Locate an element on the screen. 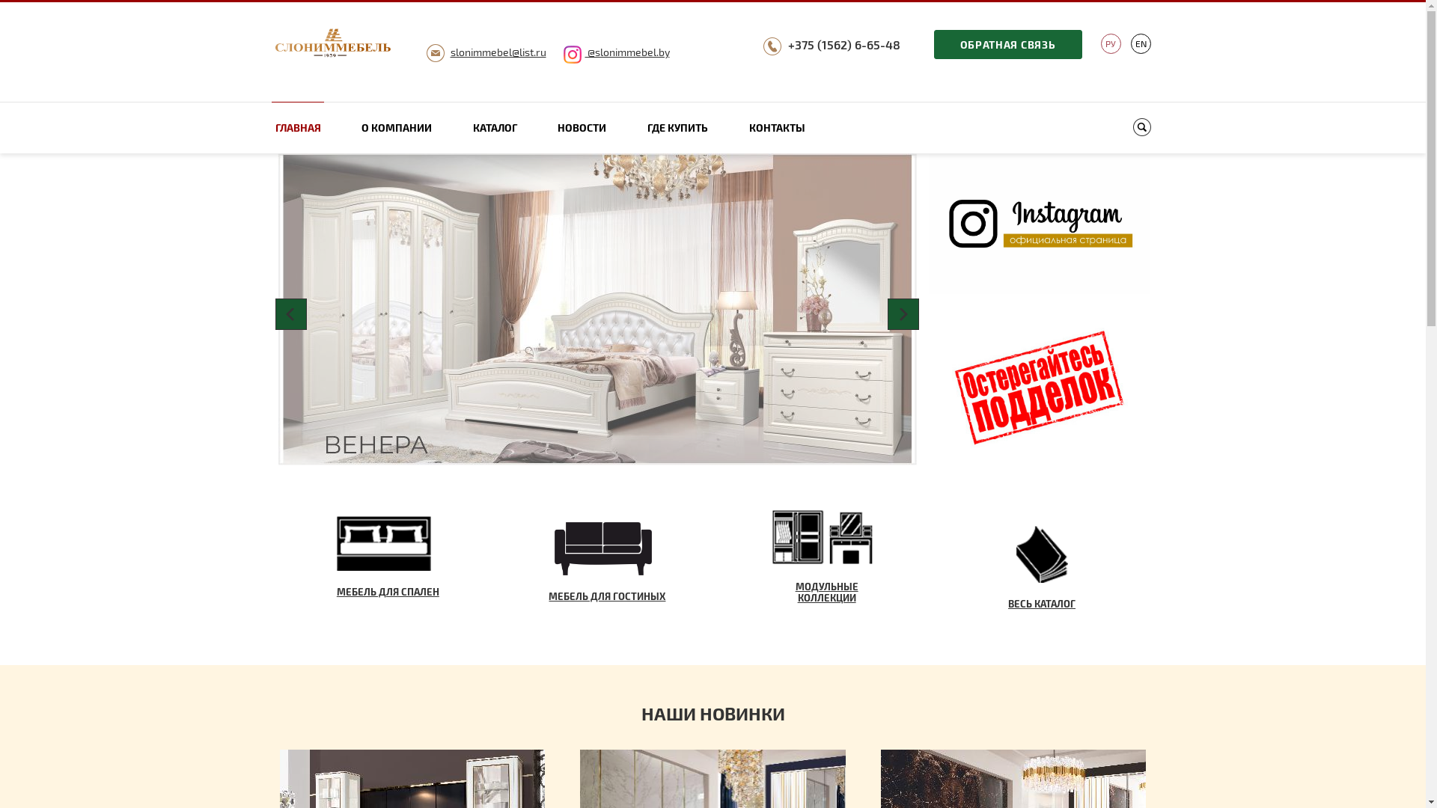 The image size is (1437, 808). 'Prev' is located at coordinates (275, 313).